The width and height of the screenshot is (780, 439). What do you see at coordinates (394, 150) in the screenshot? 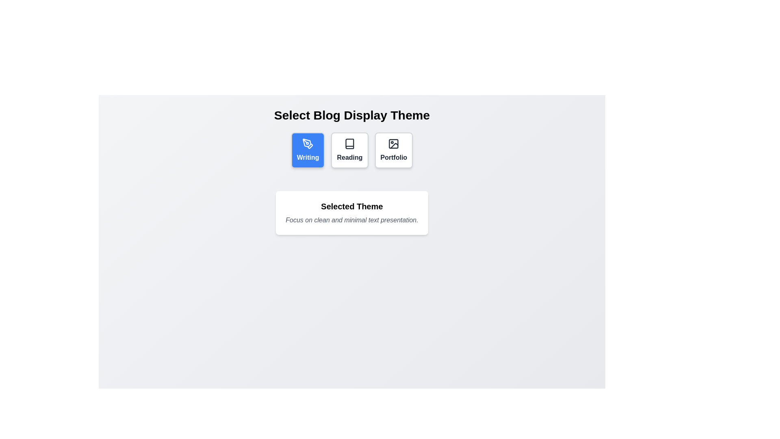
I see `the button to select the theme Portfolio` at bounding box center [394, 150].